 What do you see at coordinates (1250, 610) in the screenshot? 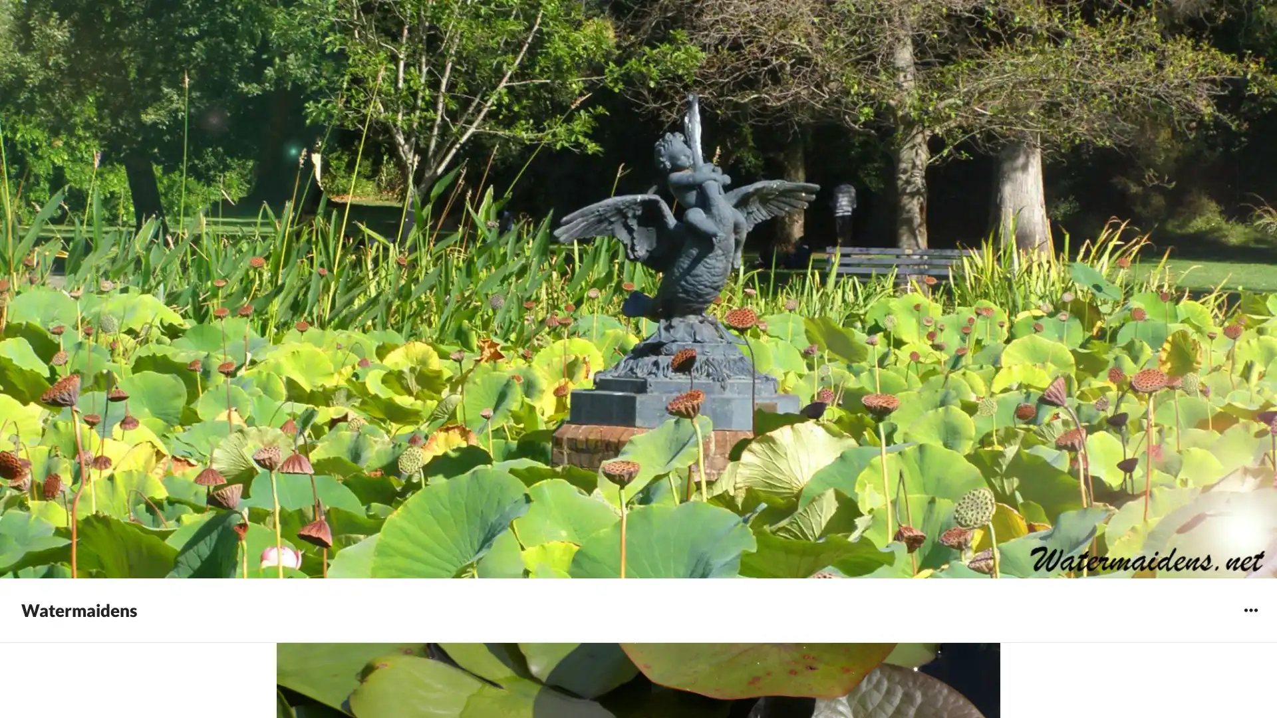
I see `WIDGETS` at bounding box center [1250, 610].